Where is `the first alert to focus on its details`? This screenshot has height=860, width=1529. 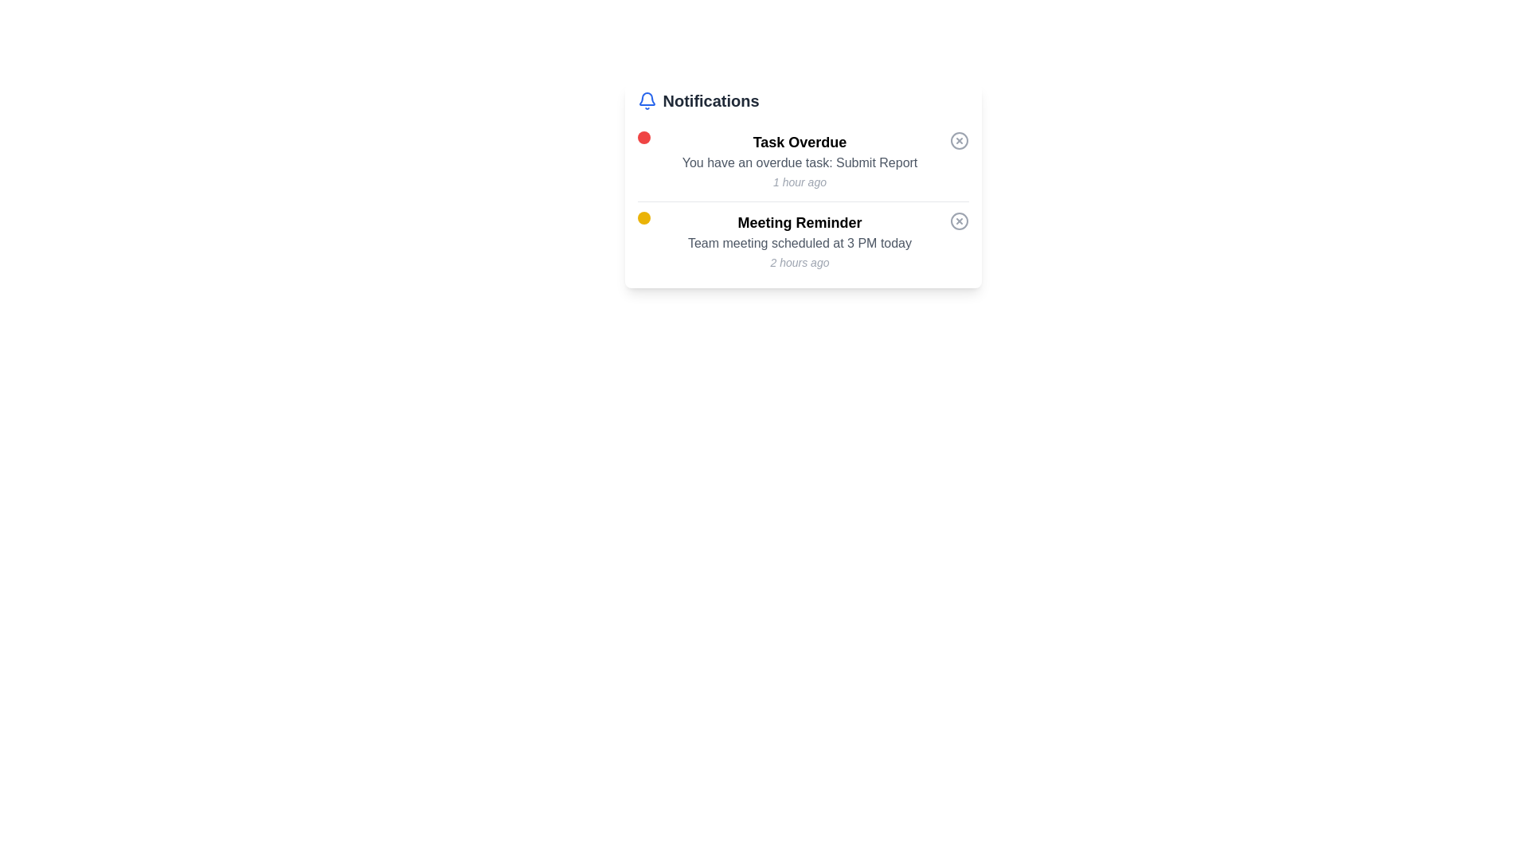 the first alert to focus on its details is located at coordinates (803, 162).